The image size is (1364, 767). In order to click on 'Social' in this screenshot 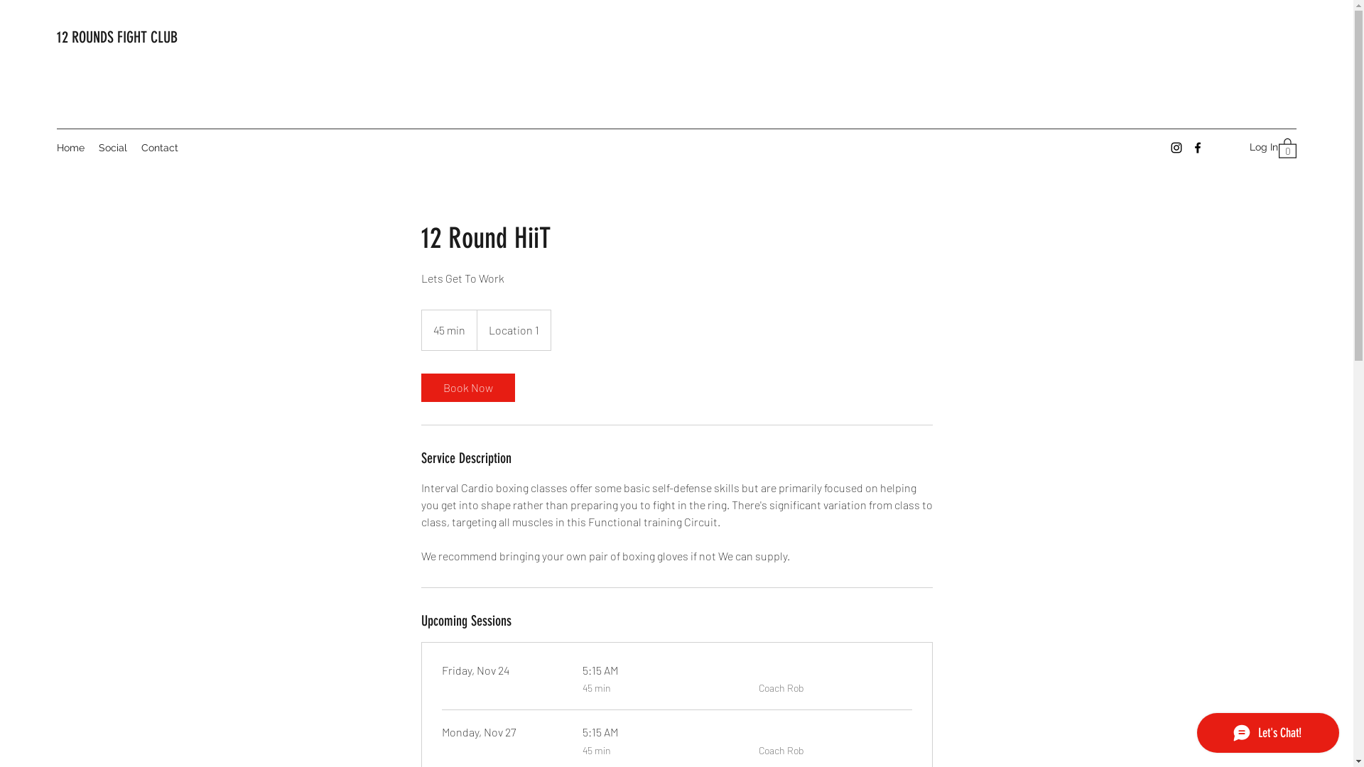, I will do `click(112, 148)`.